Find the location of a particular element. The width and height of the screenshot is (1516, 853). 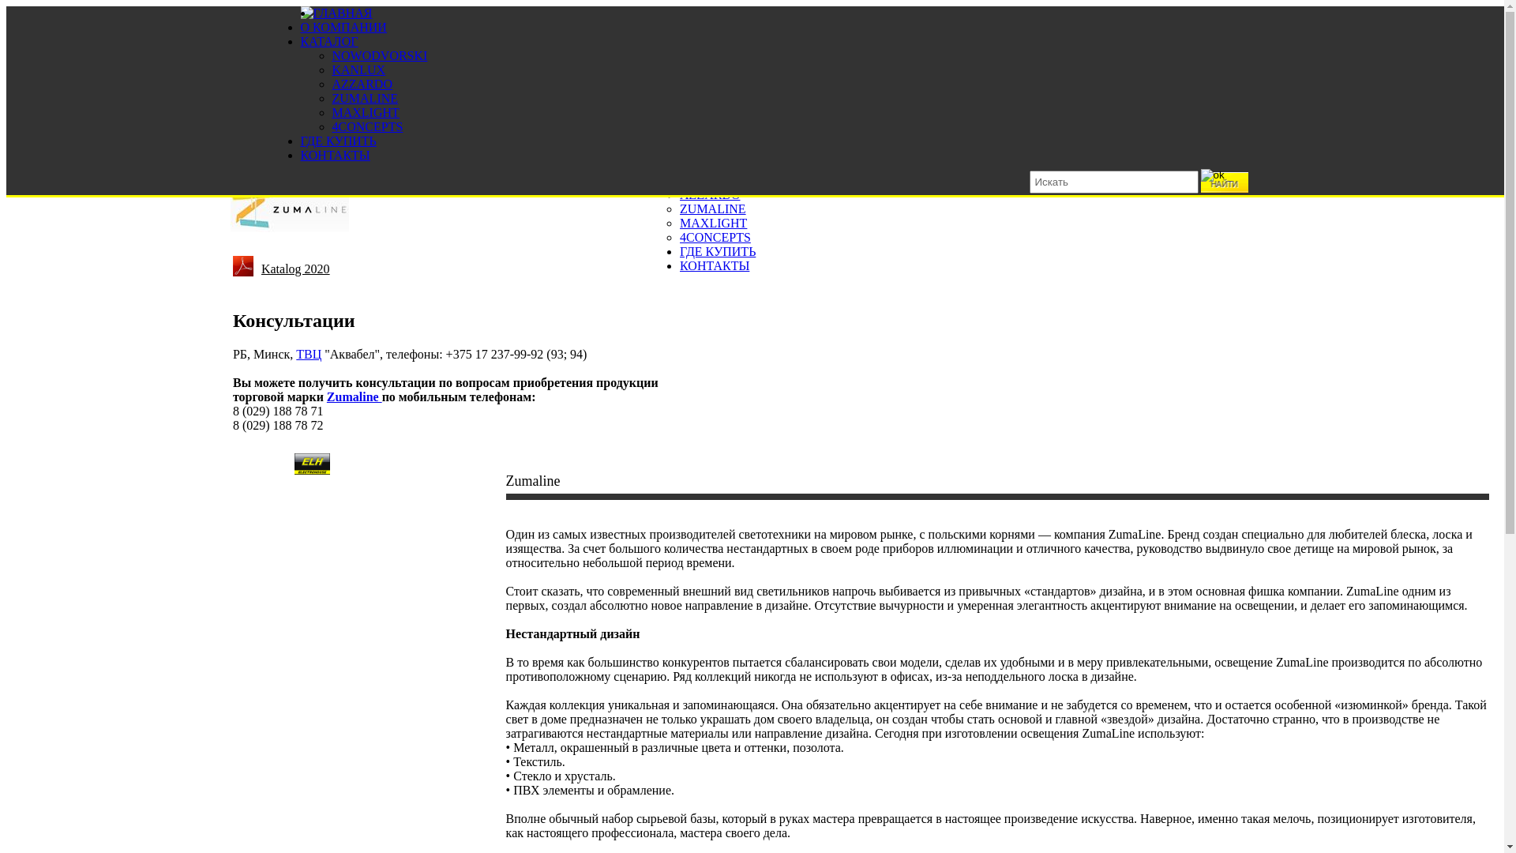

'AZZARDO' is located at coordinates (360, 84).